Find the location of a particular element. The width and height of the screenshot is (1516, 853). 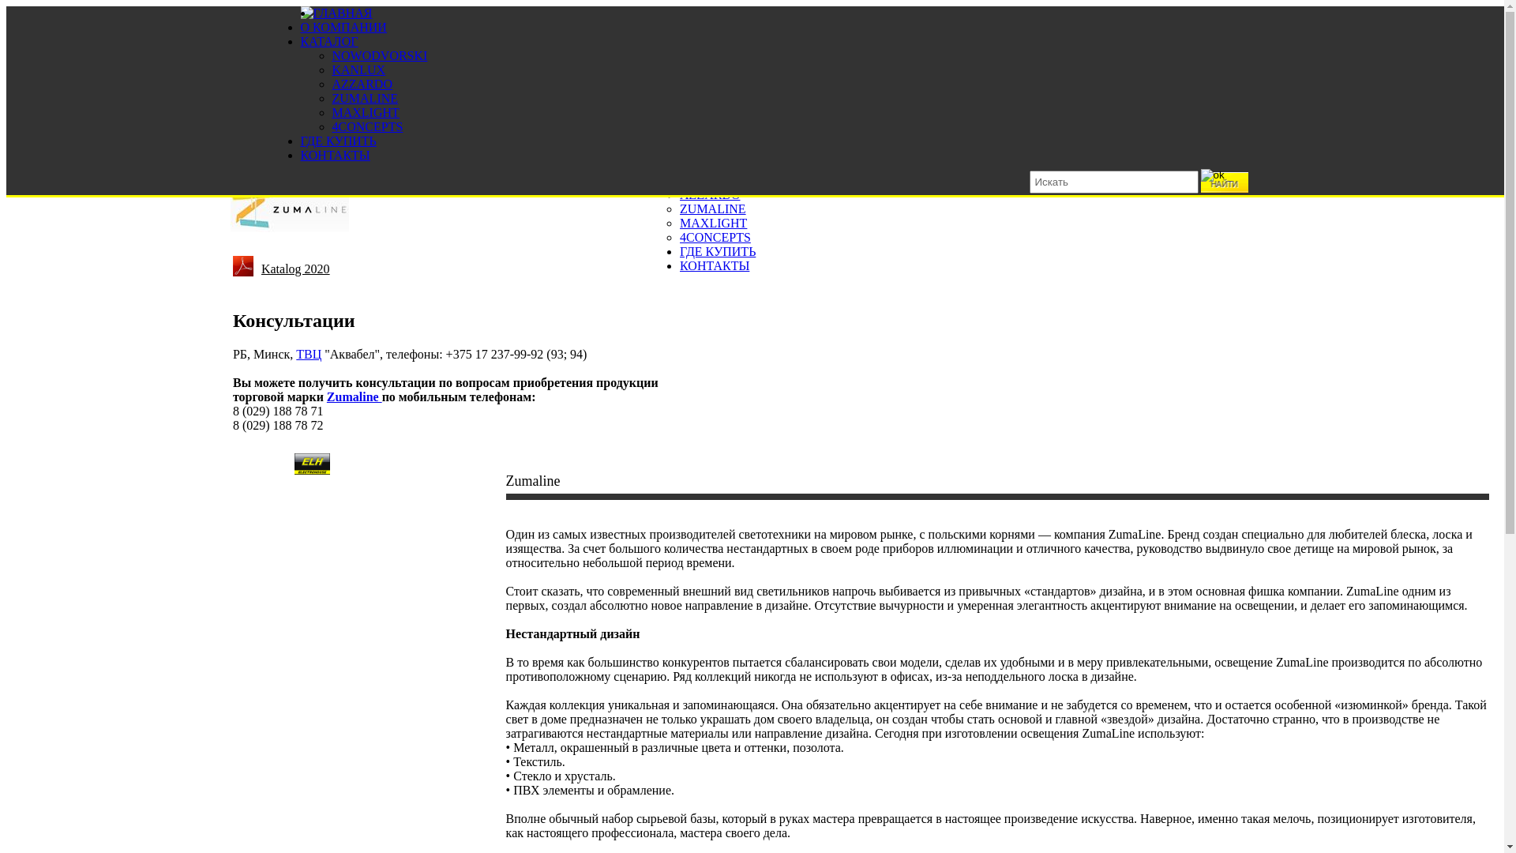

'AZZARDO' is located at coordinates (360, 84).